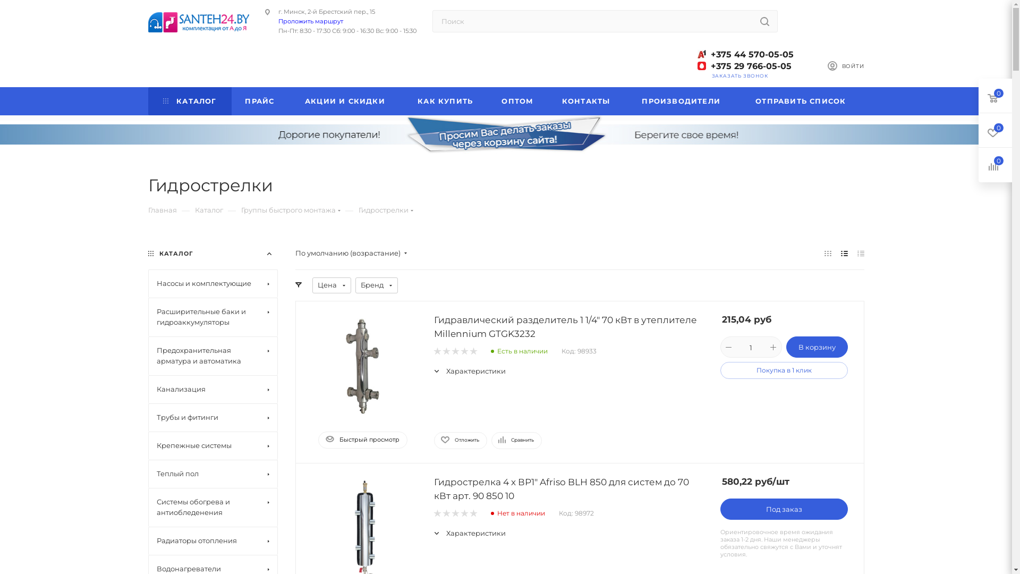  Describe the element at coordinates (460, 513) in the screenshot. I see `'4'` at that location.